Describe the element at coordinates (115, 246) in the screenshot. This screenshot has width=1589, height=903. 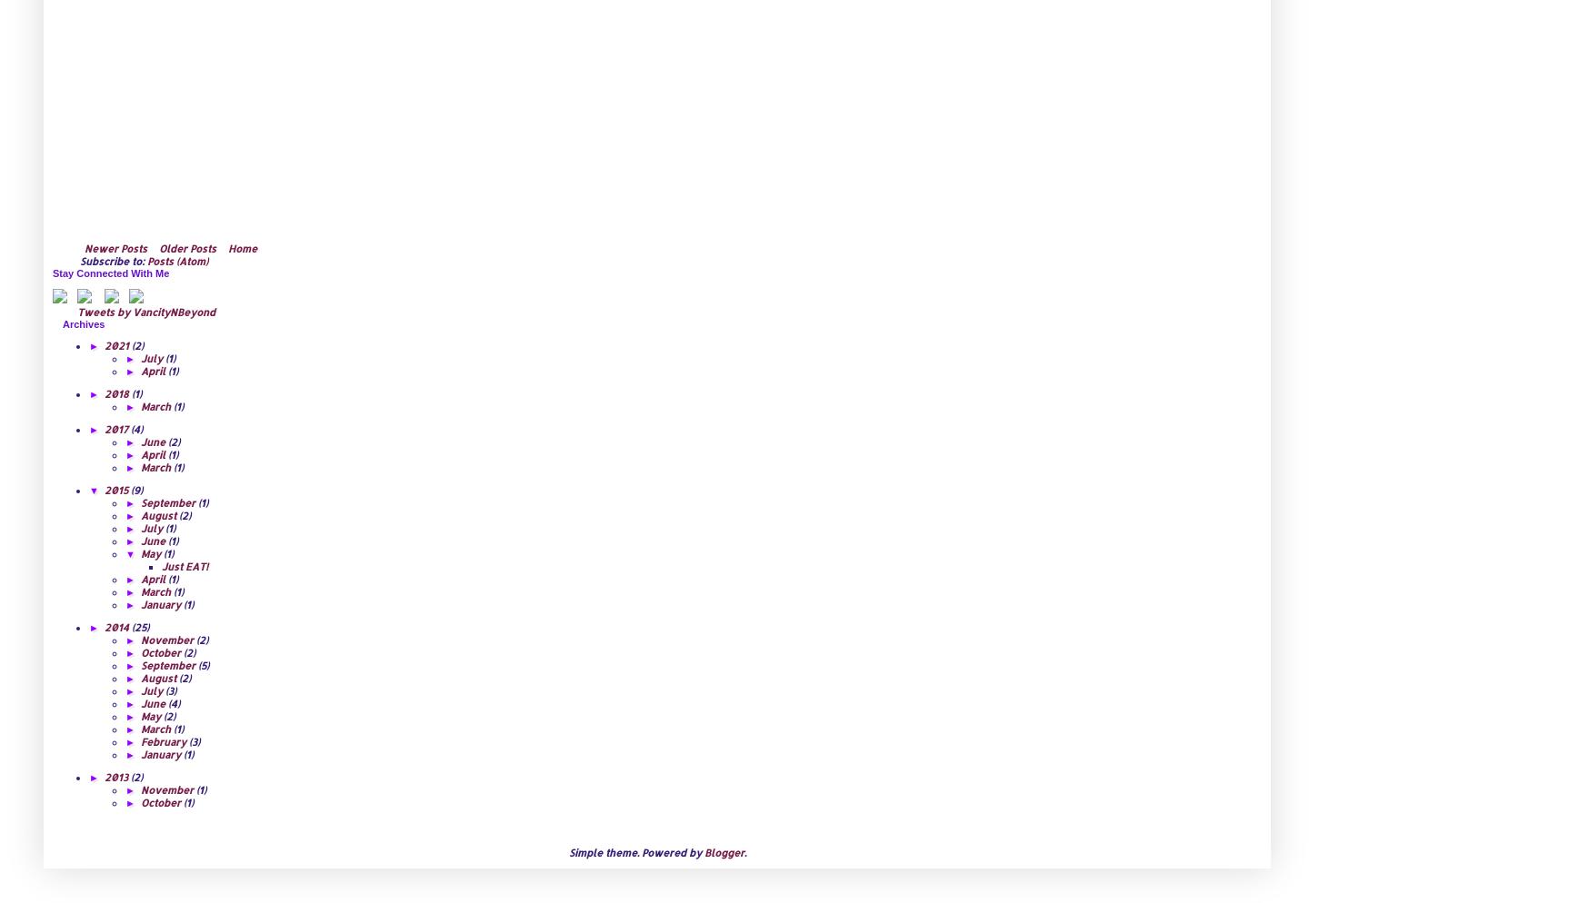
I see `'Newer Posts'` at that location.